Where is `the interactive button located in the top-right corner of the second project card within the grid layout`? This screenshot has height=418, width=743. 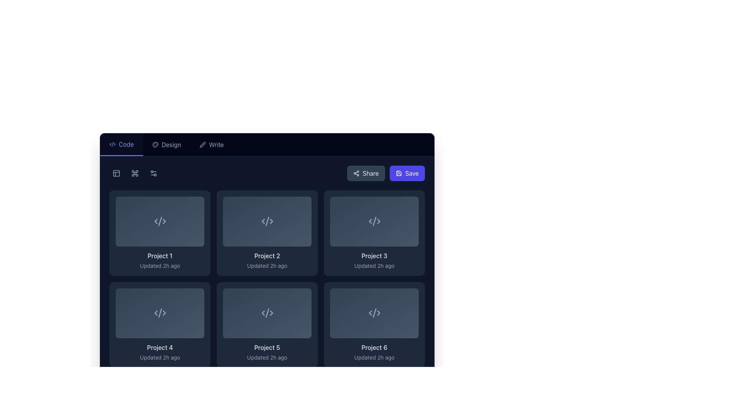 the interactive button located in the top-right corner of the second project card within the grid layout is located at coordinates (310, 198).